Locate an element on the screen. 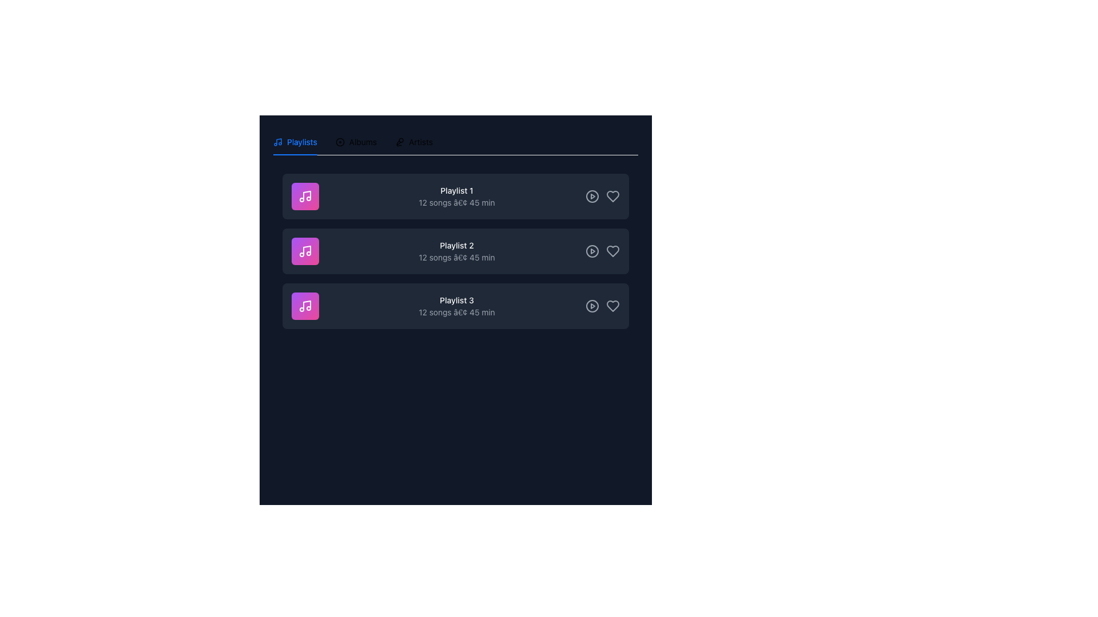  the heart-shaped icon button next to the title and description of 'Playlist 3' is located at coordinates (612, 306).